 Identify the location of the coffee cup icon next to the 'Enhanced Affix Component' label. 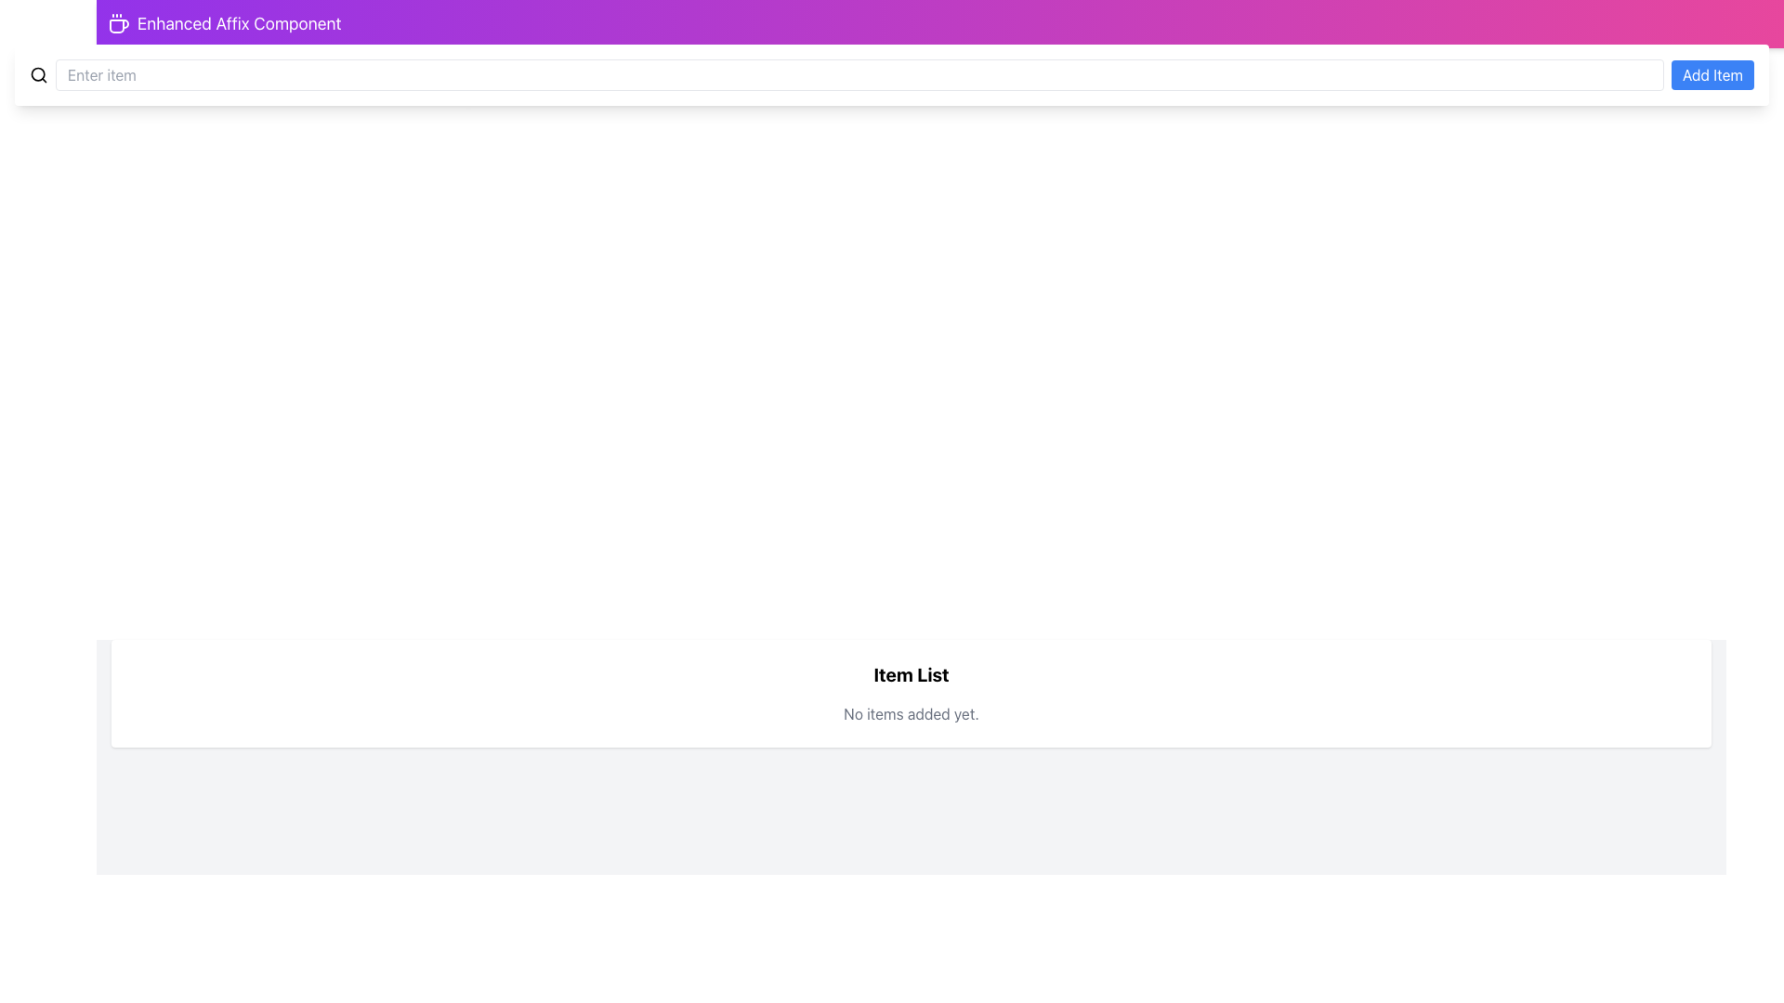
(118, 24).